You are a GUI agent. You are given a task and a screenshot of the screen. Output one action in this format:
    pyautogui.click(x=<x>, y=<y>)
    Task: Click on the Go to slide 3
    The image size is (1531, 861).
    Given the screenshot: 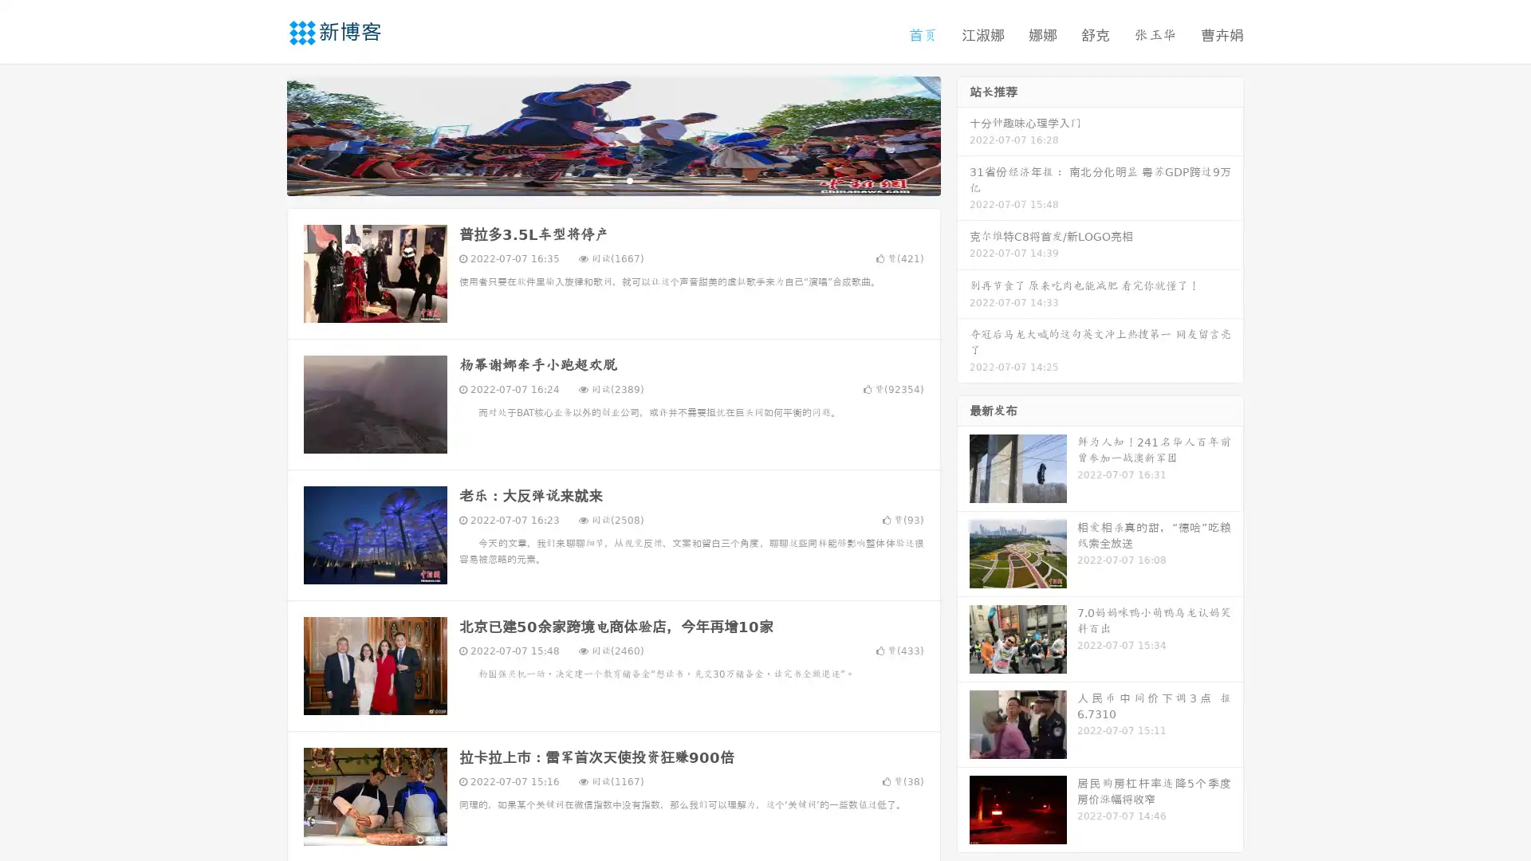 What is the action you would take?
    pyautogui.click(x=629, y=179)
    